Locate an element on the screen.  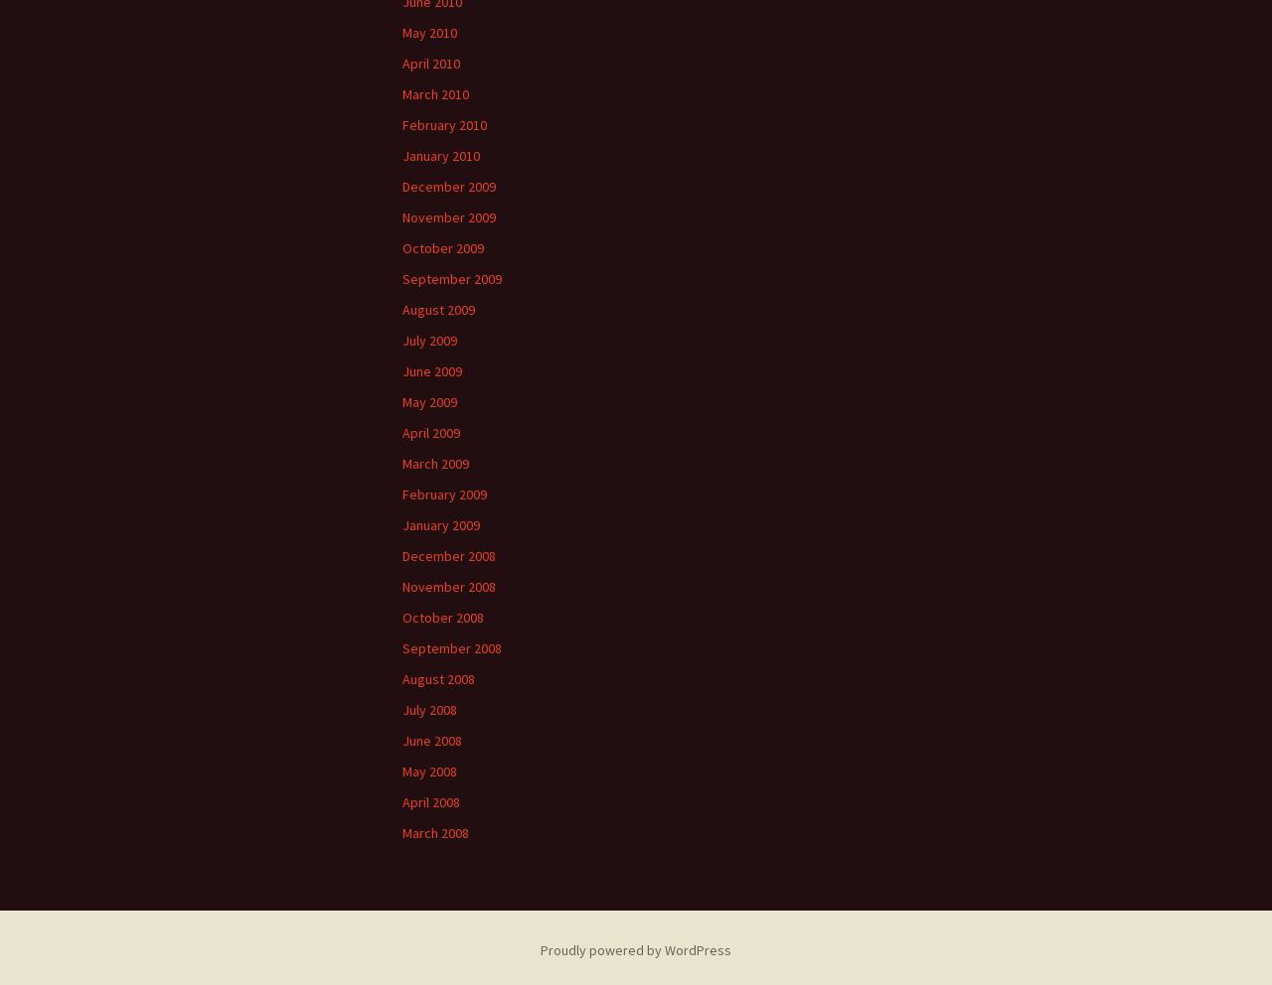
'February 2009' is located at coordinates (443, 492).